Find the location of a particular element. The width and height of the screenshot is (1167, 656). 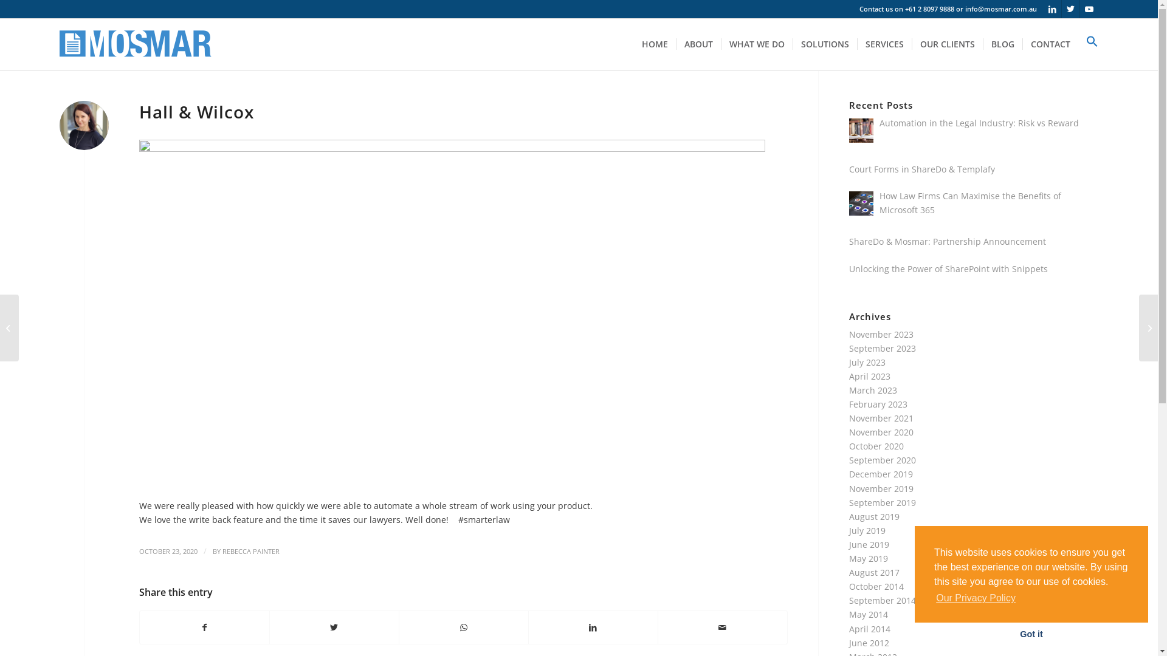

'September 2023' is located at coordinates (883, 348).